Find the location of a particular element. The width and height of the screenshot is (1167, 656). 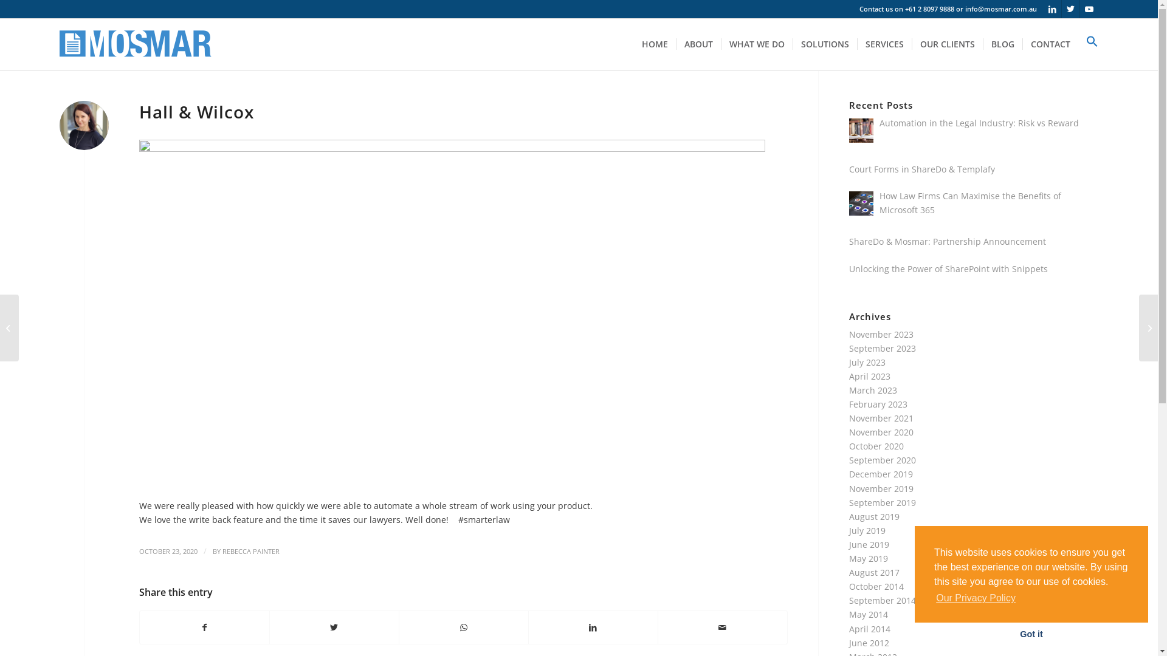

'September 2023' is located at coordinates (883, 348).